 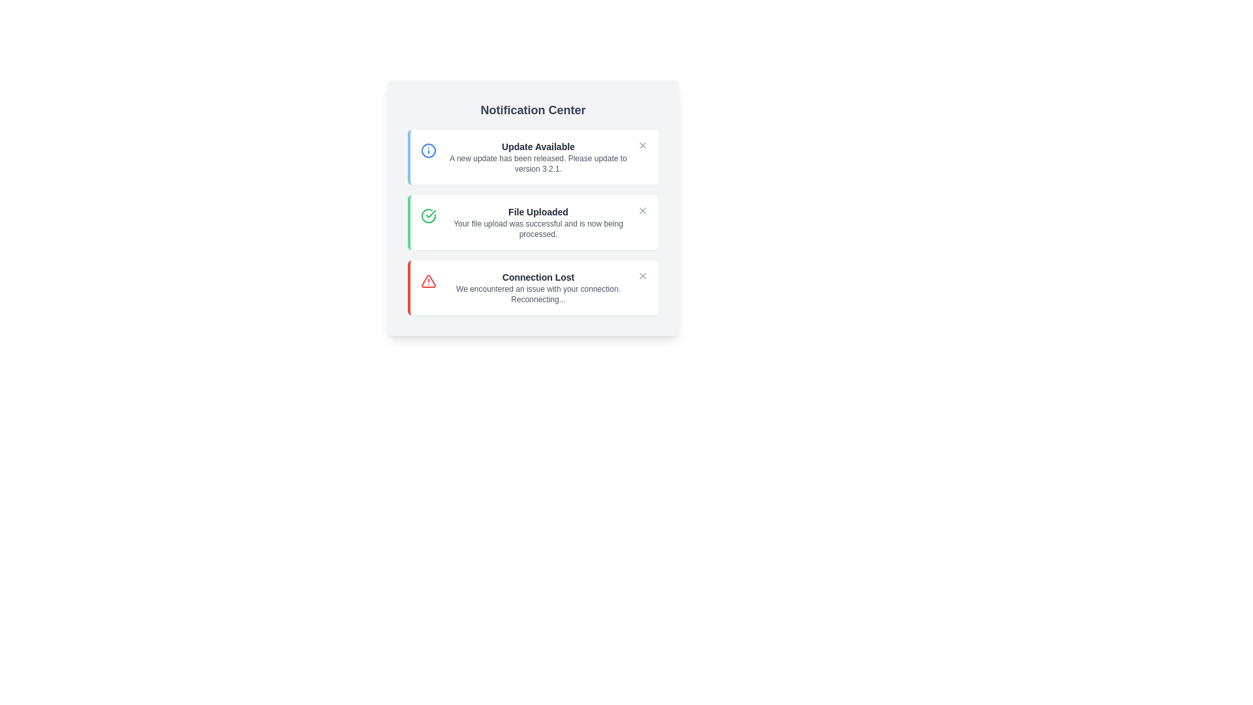 What do you see at coordinates (533, 221) in the screenshot?
I see `notification text from the Notification panel, which contains three vertically aligned notifications with bold headings and messages underneath` at bounding box center [533, 221].